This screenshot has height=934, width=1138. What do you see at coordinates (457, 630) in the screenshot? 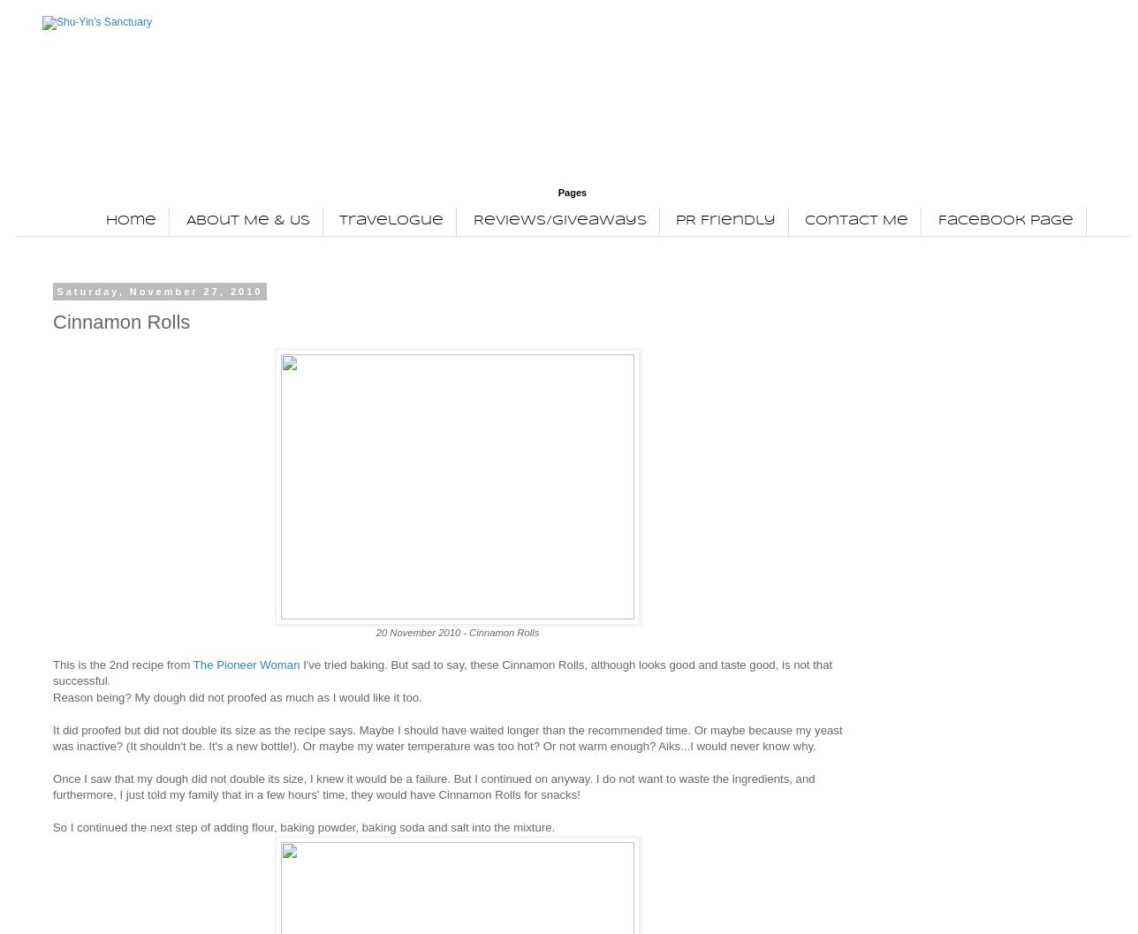
I see `'20 November 2010 - Cinnamon Rolls'` at bounding box center [457, 630].